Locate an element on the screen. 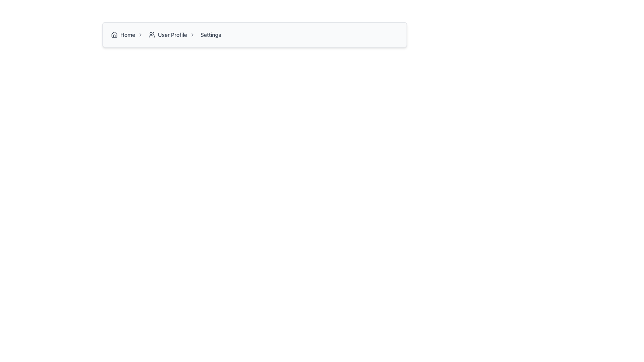 The width and height of the screenshot is (644, 362). the 'Home' text label in the breadcrumb navigation bar is located at coordinates (127, 35).